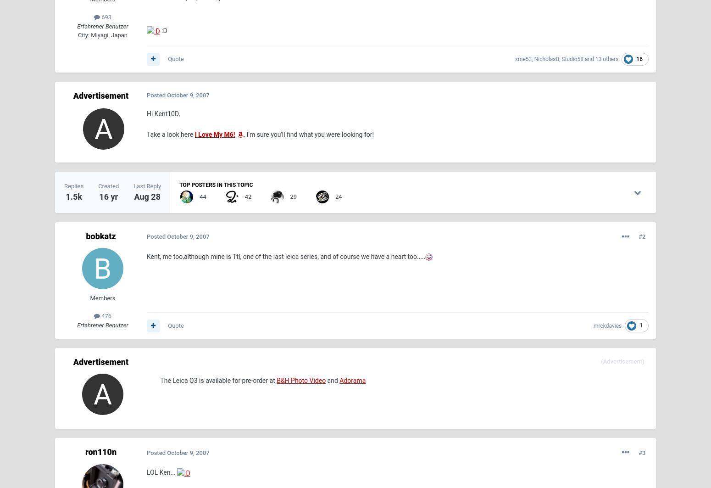  What do you see at coordinates (332, 403) in the screenshot?
I see `'Imprint'` at bounding box center [332, 403].